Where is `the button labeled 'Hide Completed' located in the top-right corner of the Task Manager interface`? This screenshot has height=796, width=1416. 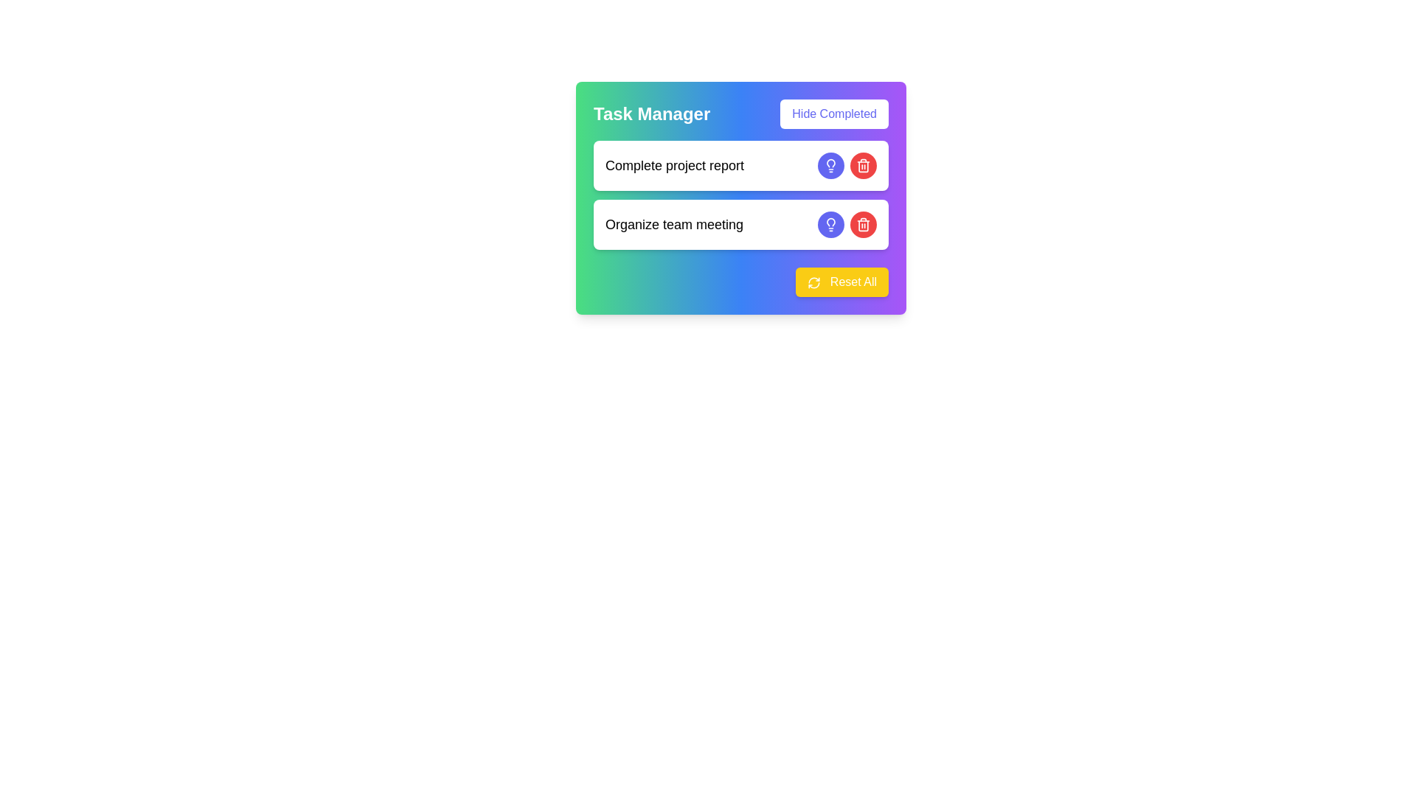
the button labeled 'Hide Completed' located in the top-right corner of the Task Manager interface is located at coordinates (834, 113).